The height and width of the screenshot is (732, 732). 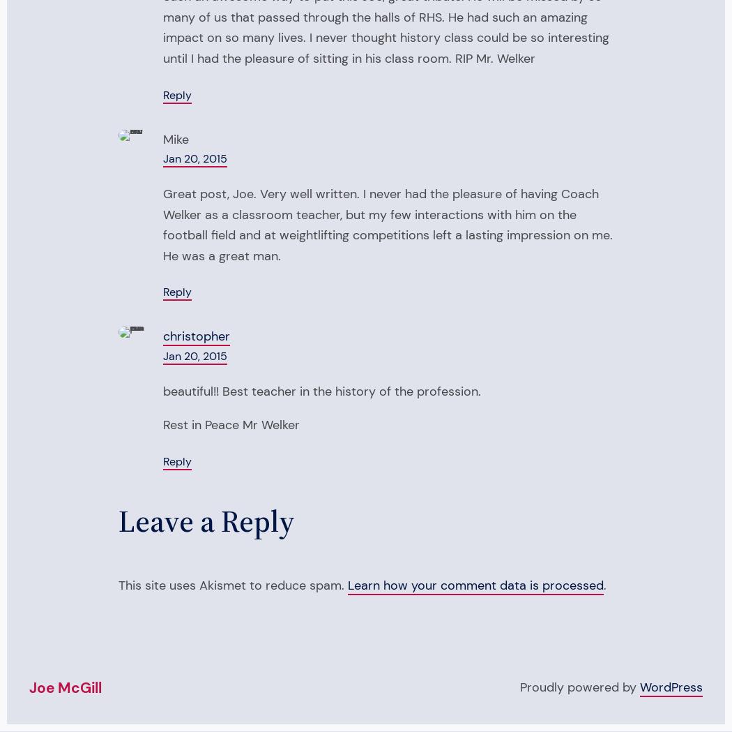 What do you see at coordinates (196, 336) in the screenshot?
I see `'christopher'` at bounding box center [196, 336].